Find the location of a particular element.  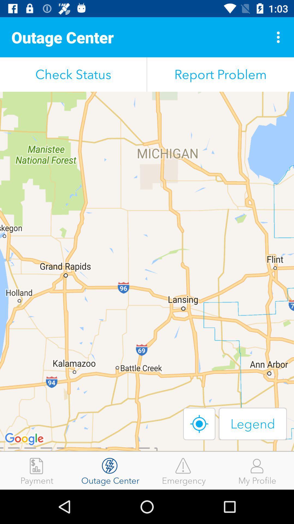

item to the left of the outage center icon is located at coordinates (37, 470).